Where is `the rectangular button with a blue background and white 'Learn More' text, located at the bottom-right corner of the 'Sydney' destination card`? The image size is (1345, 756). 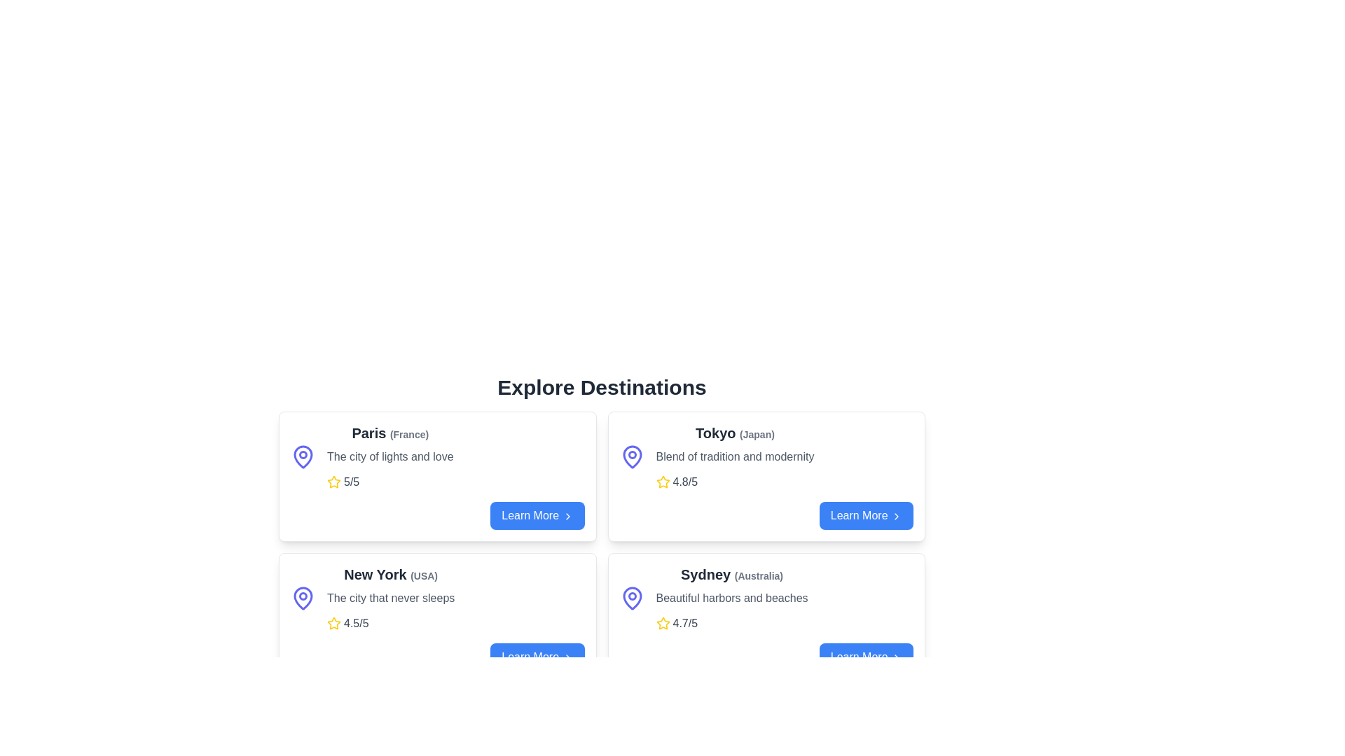 the rectangular button with a blue background and white 'Learn More' text, located at the bottom-right corner of the 'Sydney' destination card is located at coordinates (865, 657).